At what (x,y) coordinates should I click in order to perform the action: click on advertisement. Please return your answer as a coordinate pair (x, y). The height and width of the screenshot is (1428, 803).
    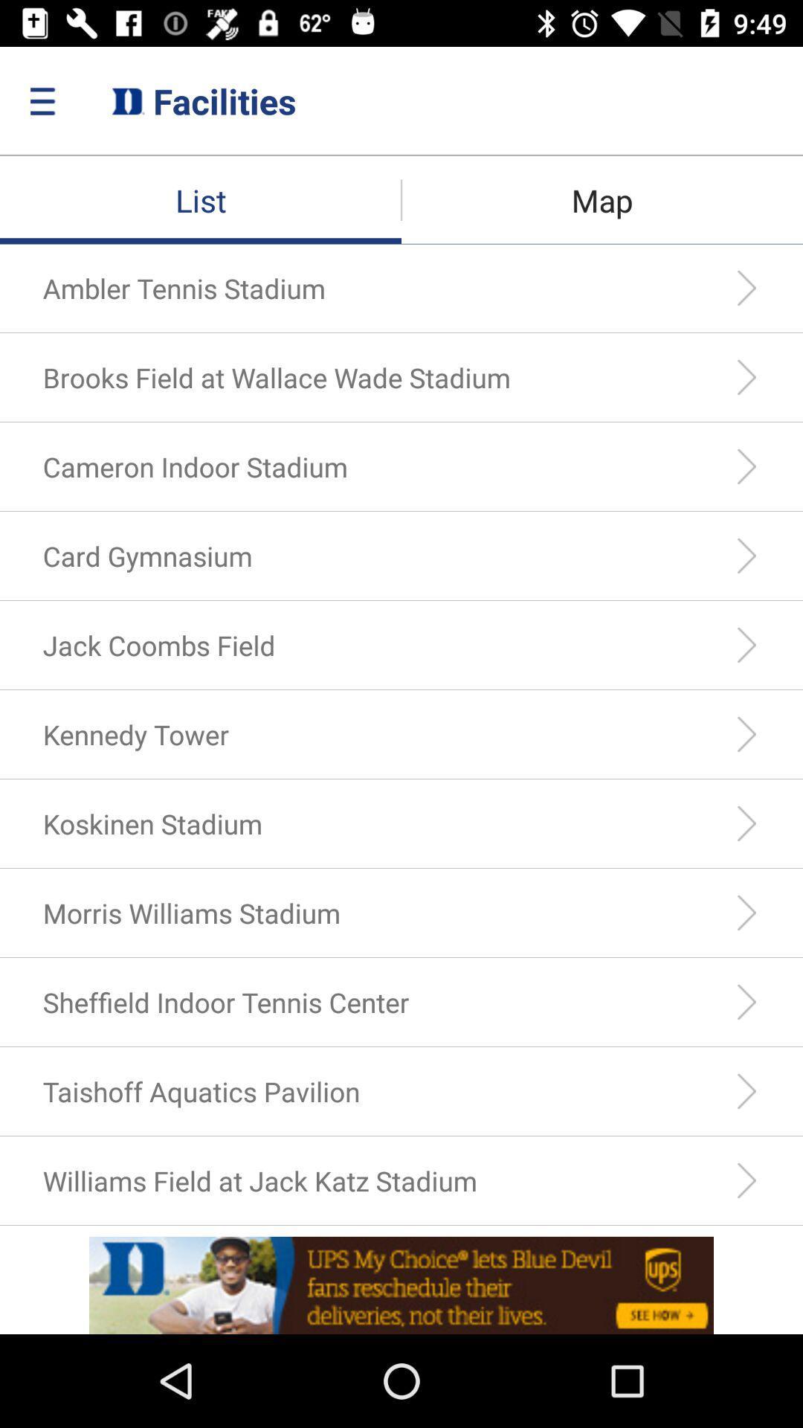
    Looking at the image, I should click on (401, 1284).